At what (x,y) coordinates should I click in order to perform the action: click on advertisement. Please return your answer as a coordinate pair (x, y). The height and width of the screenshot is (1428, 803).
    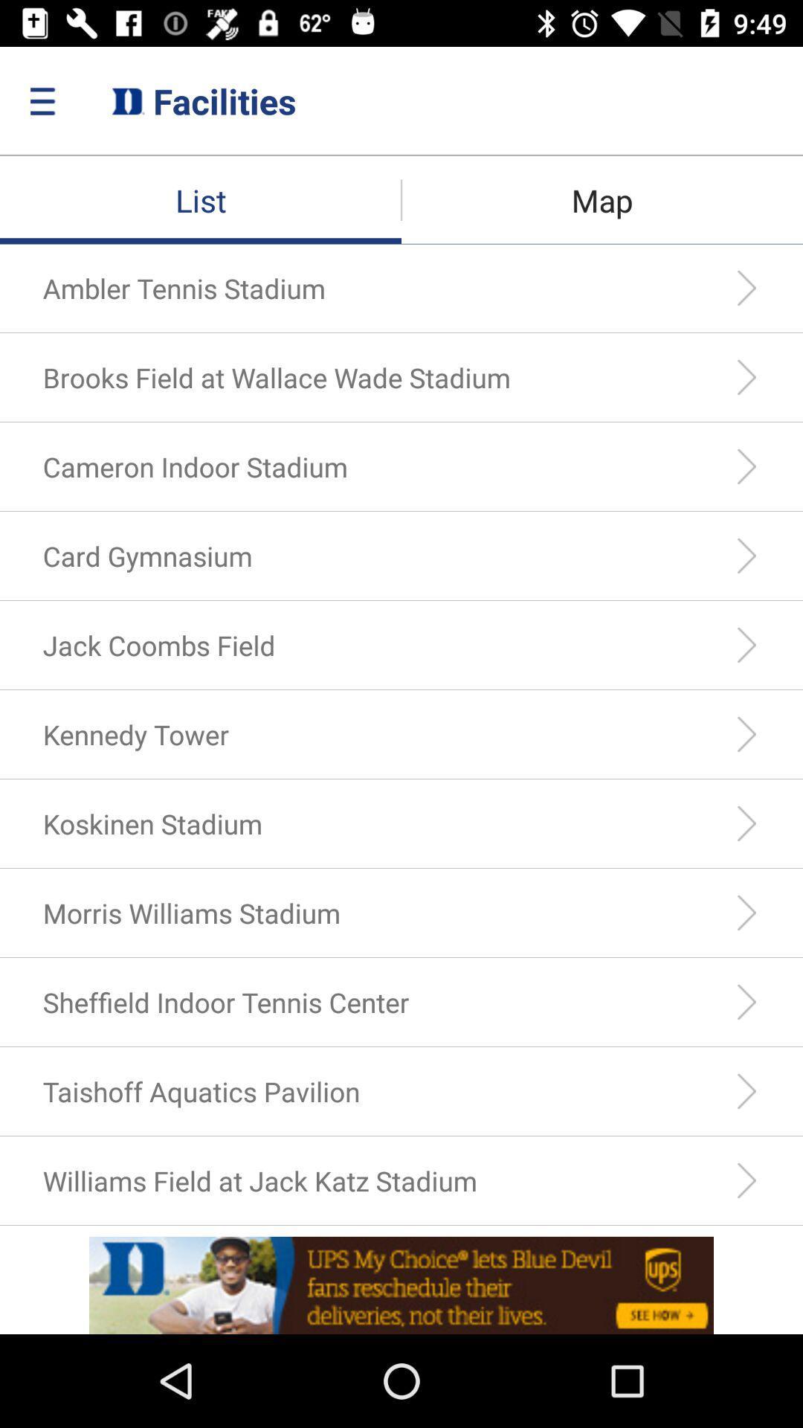
    Looking at the image, I should click on (401, 1284).